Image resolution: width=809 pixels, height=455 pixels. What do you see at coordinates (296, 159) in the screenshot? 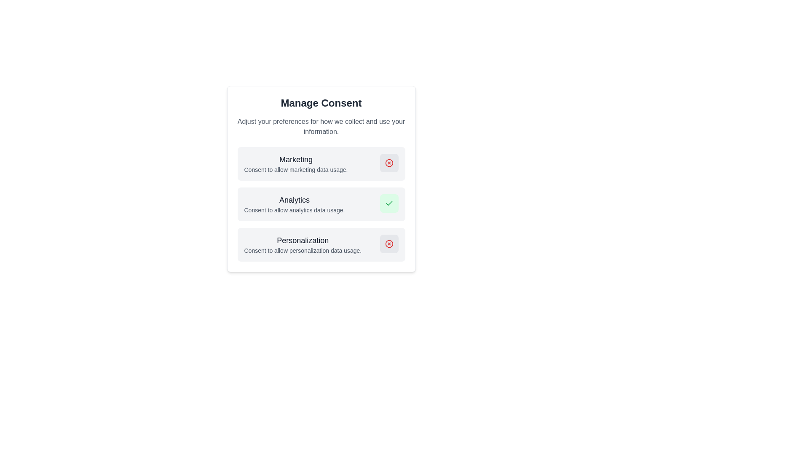
I see `the stylized text label reading 'Marketing' which is centrally positioned below the header 'Manage Consent'` at bounding box center [296, 159].